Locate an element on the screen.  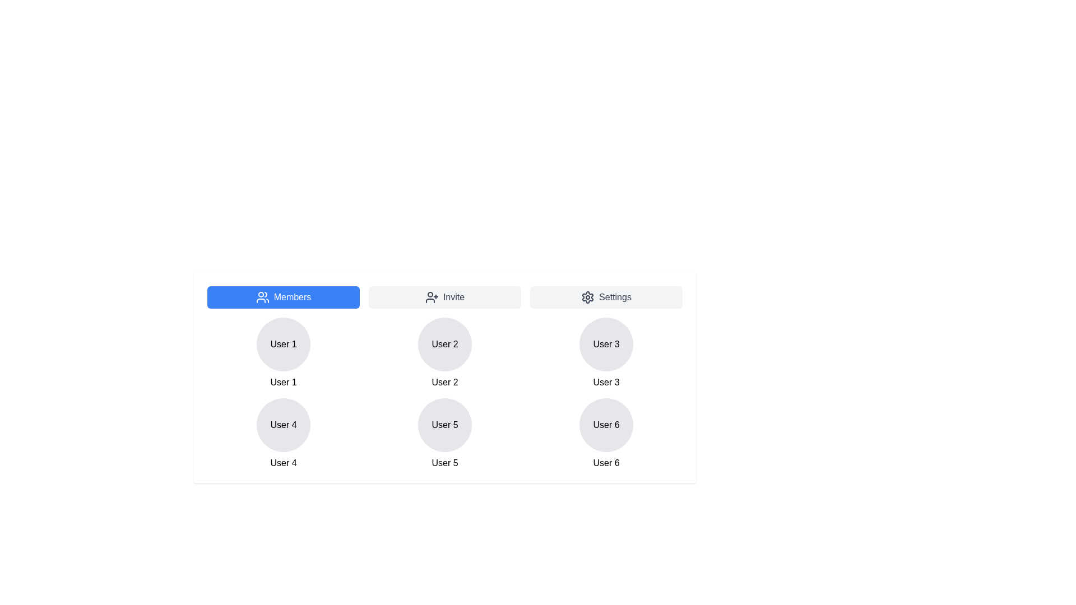
the circular button labeled 'User 2' with a light gray background, located in the 'Members' section is located at coordinates (444, 343).